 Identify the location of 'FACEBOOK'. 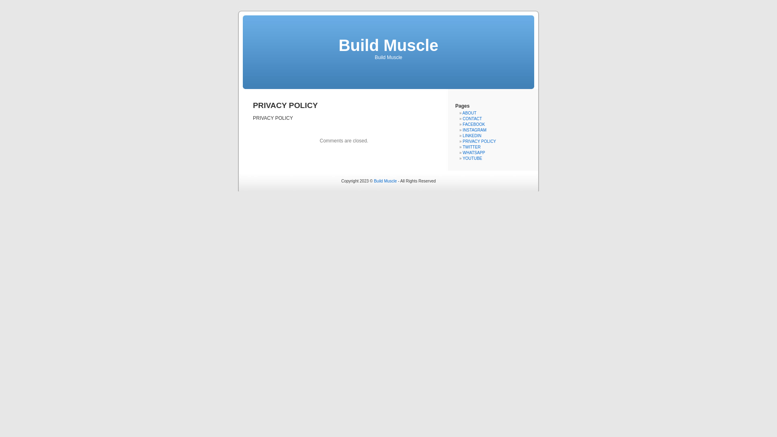
(462, 124).